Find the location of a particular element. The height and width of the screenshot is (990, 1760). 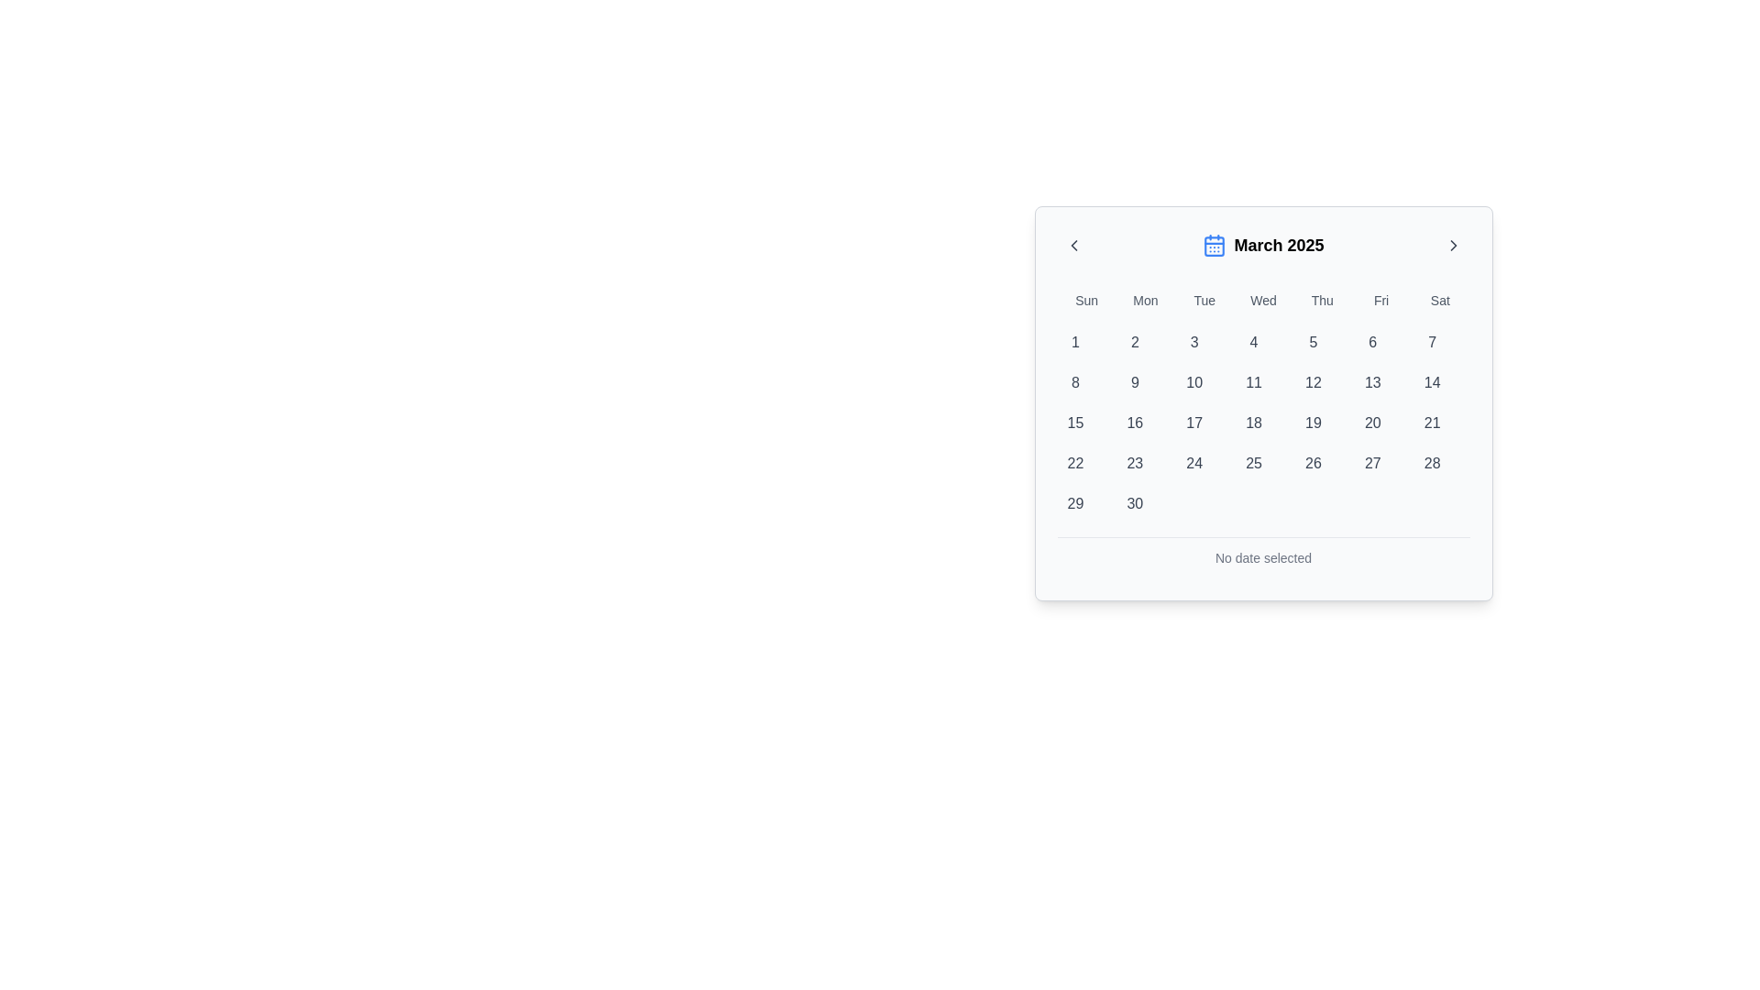

a day button in the grid of buttons representing March 2025 is located at coordinates (1262, 423).